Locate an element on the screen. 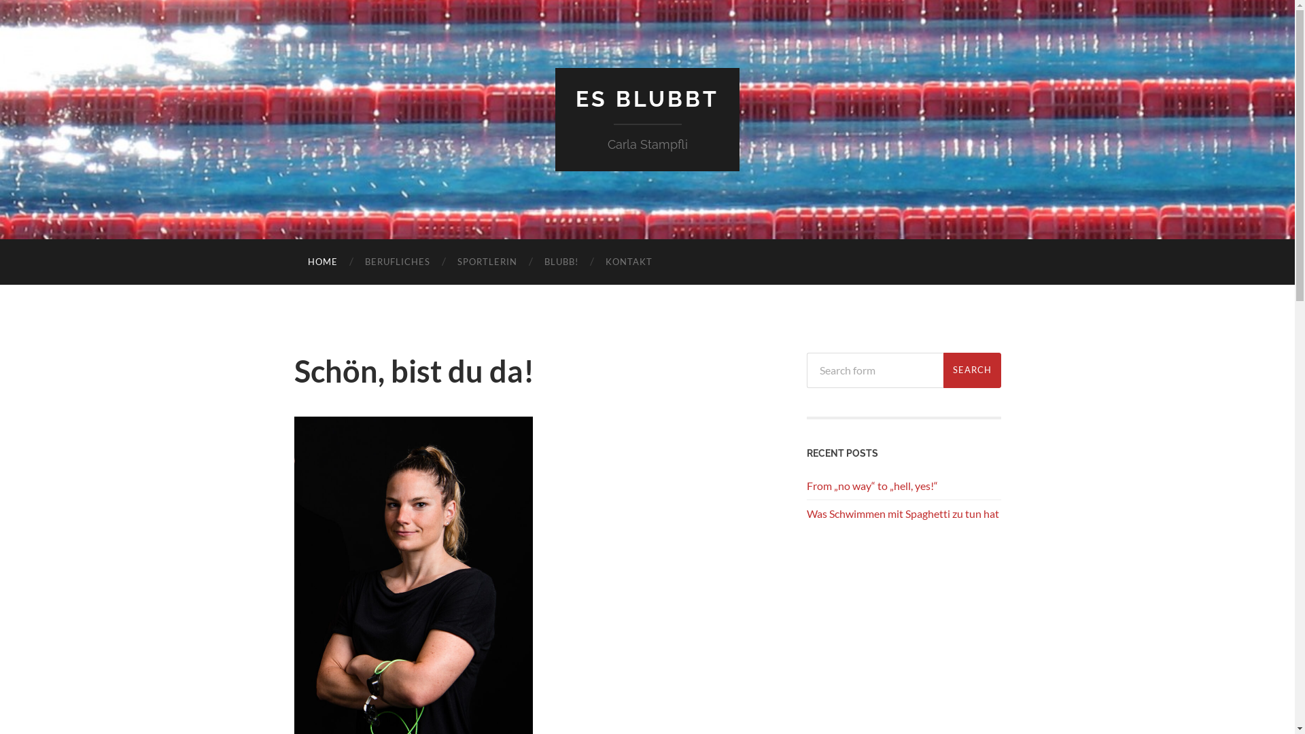 Image resolution: width=1305 pixels, height=734 pixels. 'Was Schwimmen mit Spaghetti zu tun hat' is located at coordinates (902, 513).